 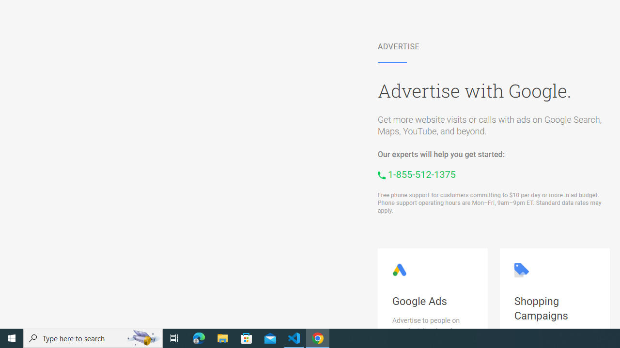 What do you see at coordinates (399, 270) in the screenshot?
I see `'Google Ads logo'` at bounding box center [399, 270].